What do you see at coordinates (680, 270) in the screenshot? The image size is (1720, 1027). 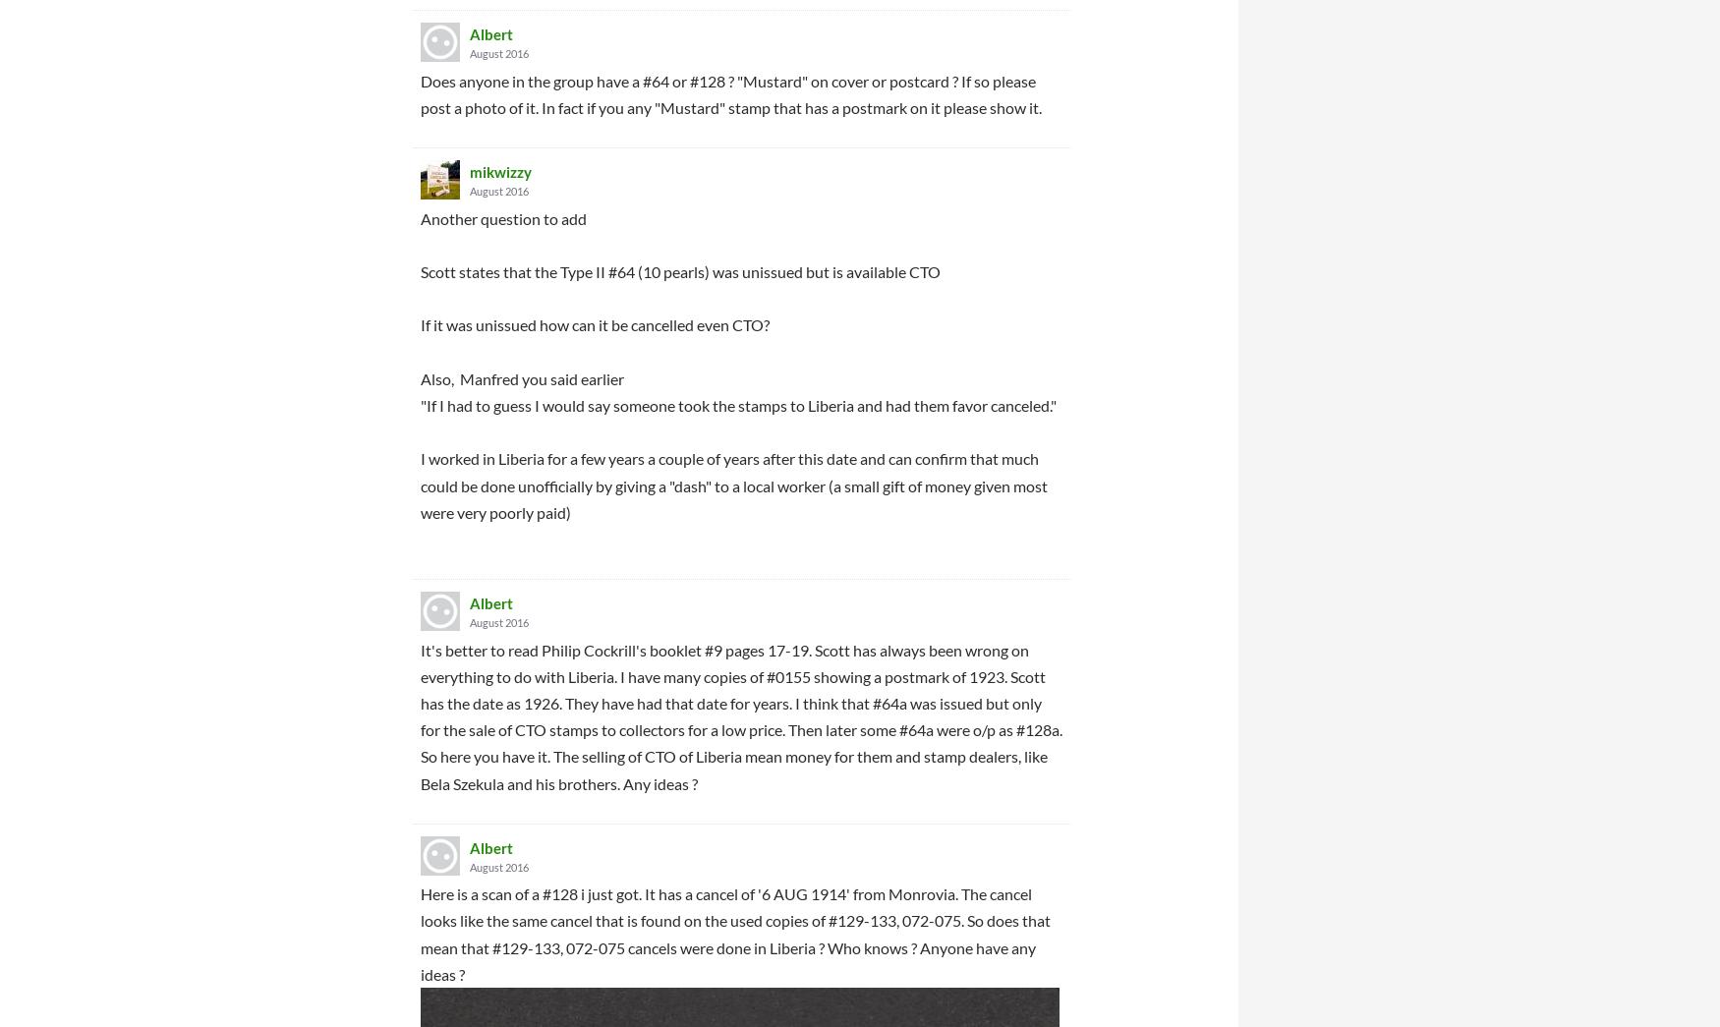 I see `'Scott states that the Type II #64 (10 pearls) was unissued but is available CTO'` at bounding box center [680, 270].